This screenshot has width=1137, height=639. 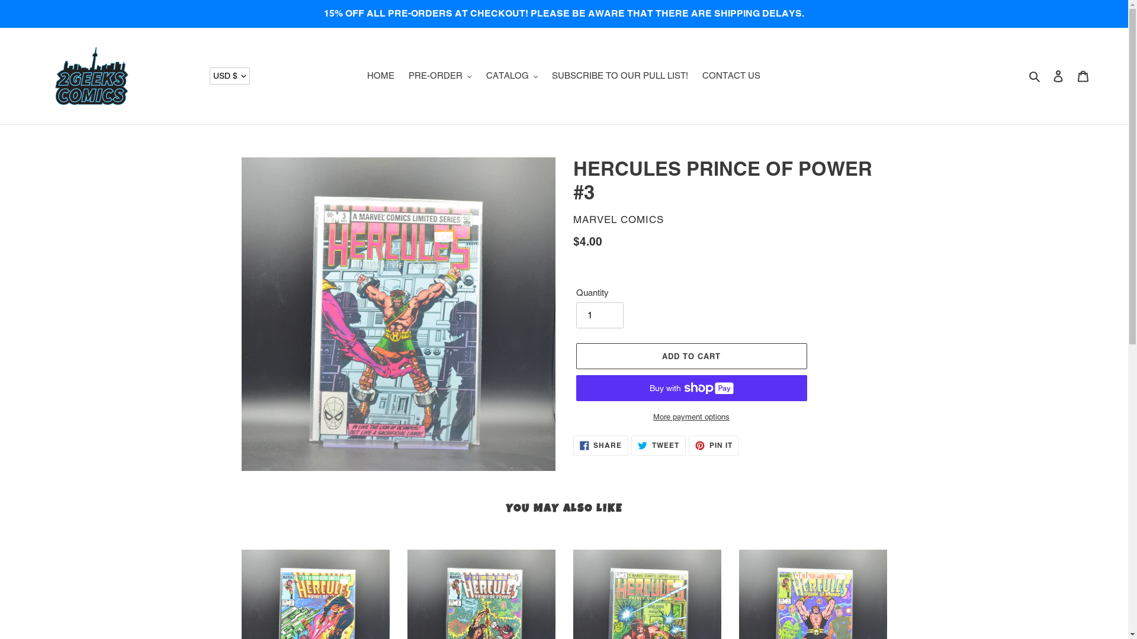 I want to click on 'SUBSCRIBE TO OUR PULL LIST!', so click(x=545, y=76).